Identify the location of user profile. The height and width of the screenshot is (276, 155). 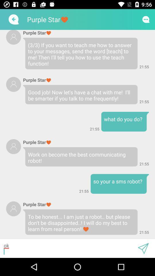
(13, 208).